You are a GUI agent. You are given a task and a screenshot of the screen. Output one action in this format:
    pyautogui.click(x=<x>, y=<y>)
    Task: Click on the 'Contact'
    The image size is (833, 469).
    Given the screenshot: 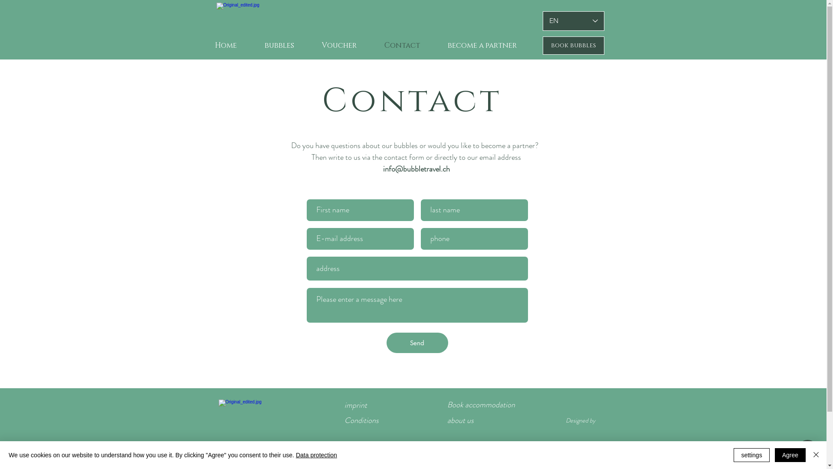 What is the action you would take?
    pyautogui.click(x=401, y=45)
    